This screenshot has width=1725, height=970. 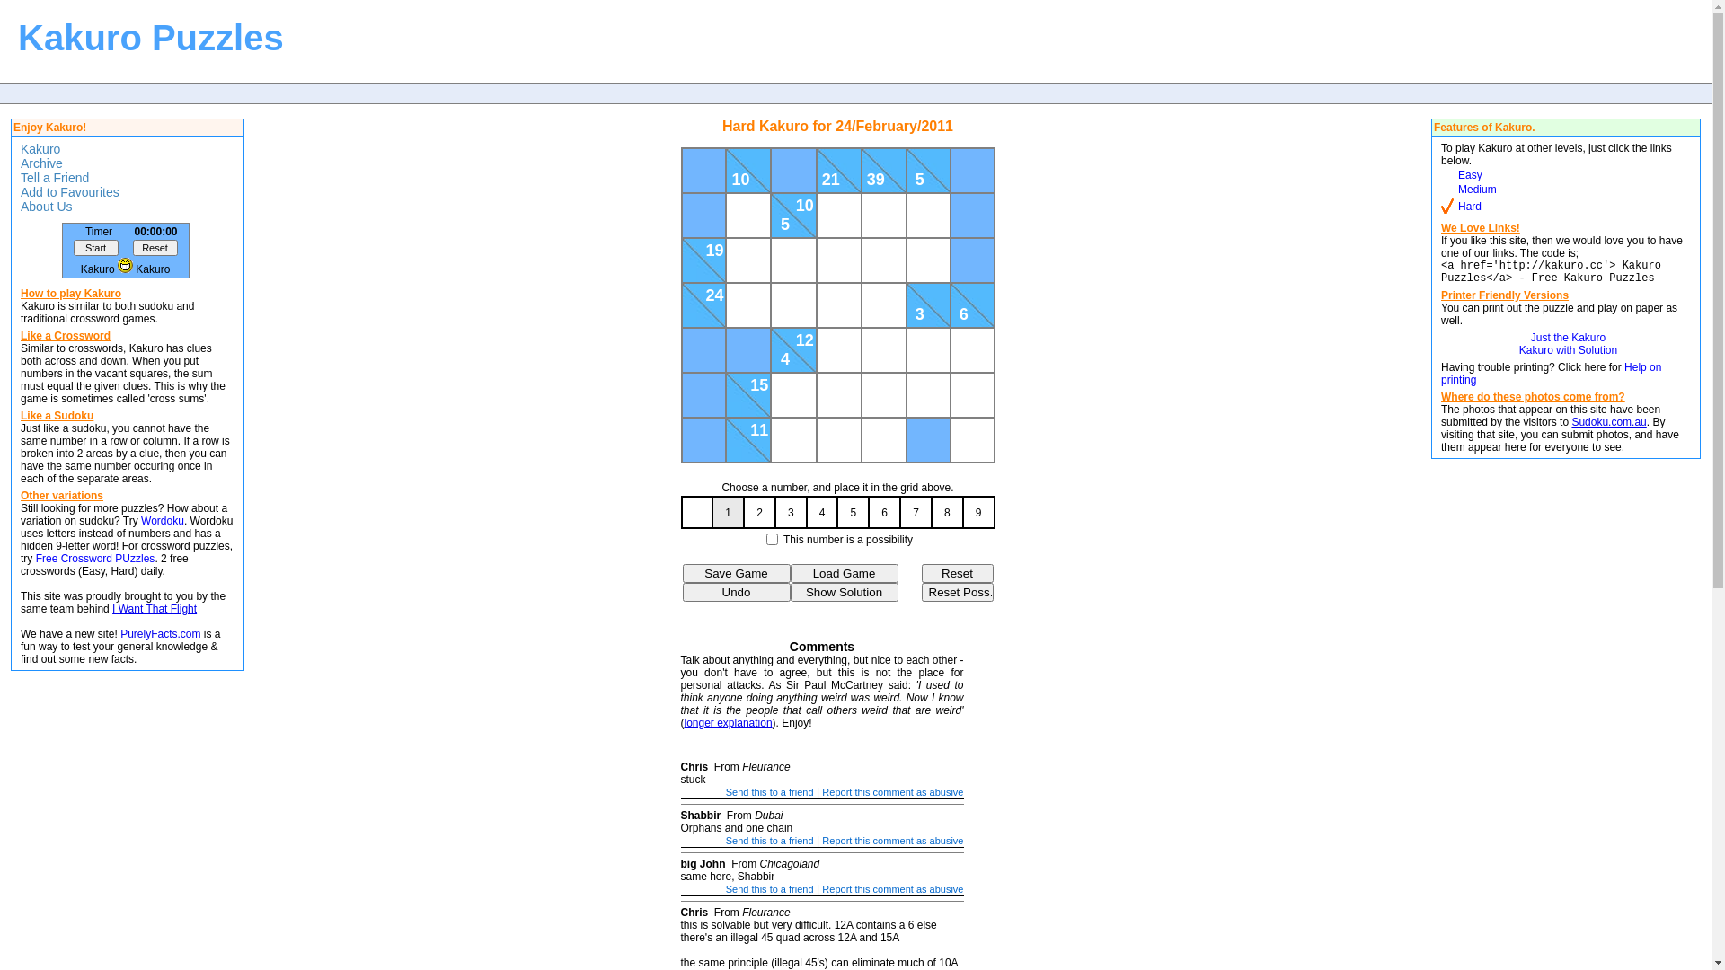 What do you see at coordinates (1470, 175) in the screenshot?
I see `'Easy'` at bounding box center [1470, 175].